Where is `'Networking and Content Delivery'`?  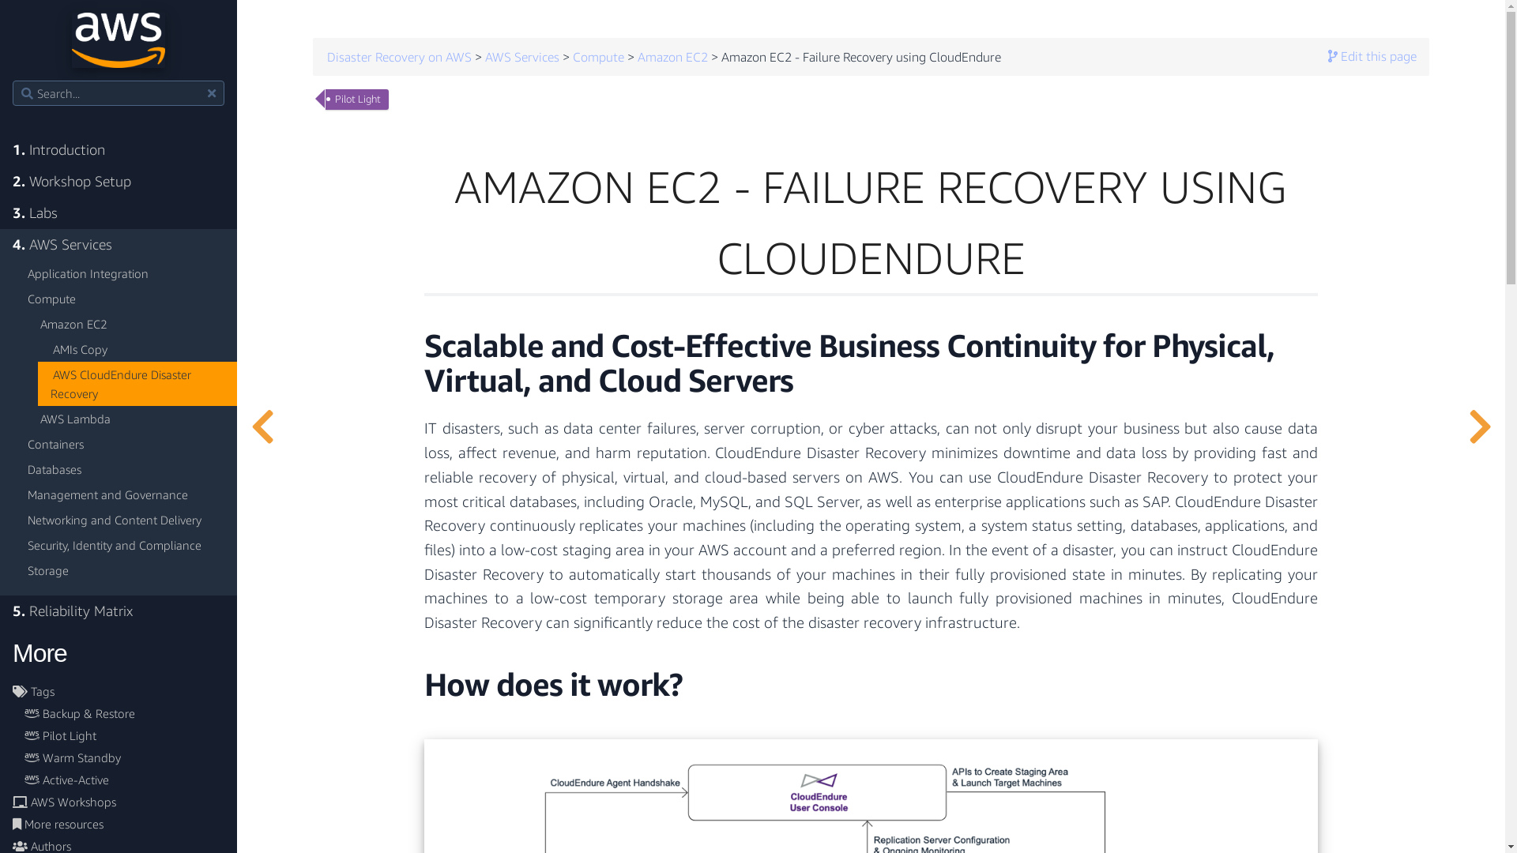 'Networking and Content Delivery' is located at coordinates (124, 520).